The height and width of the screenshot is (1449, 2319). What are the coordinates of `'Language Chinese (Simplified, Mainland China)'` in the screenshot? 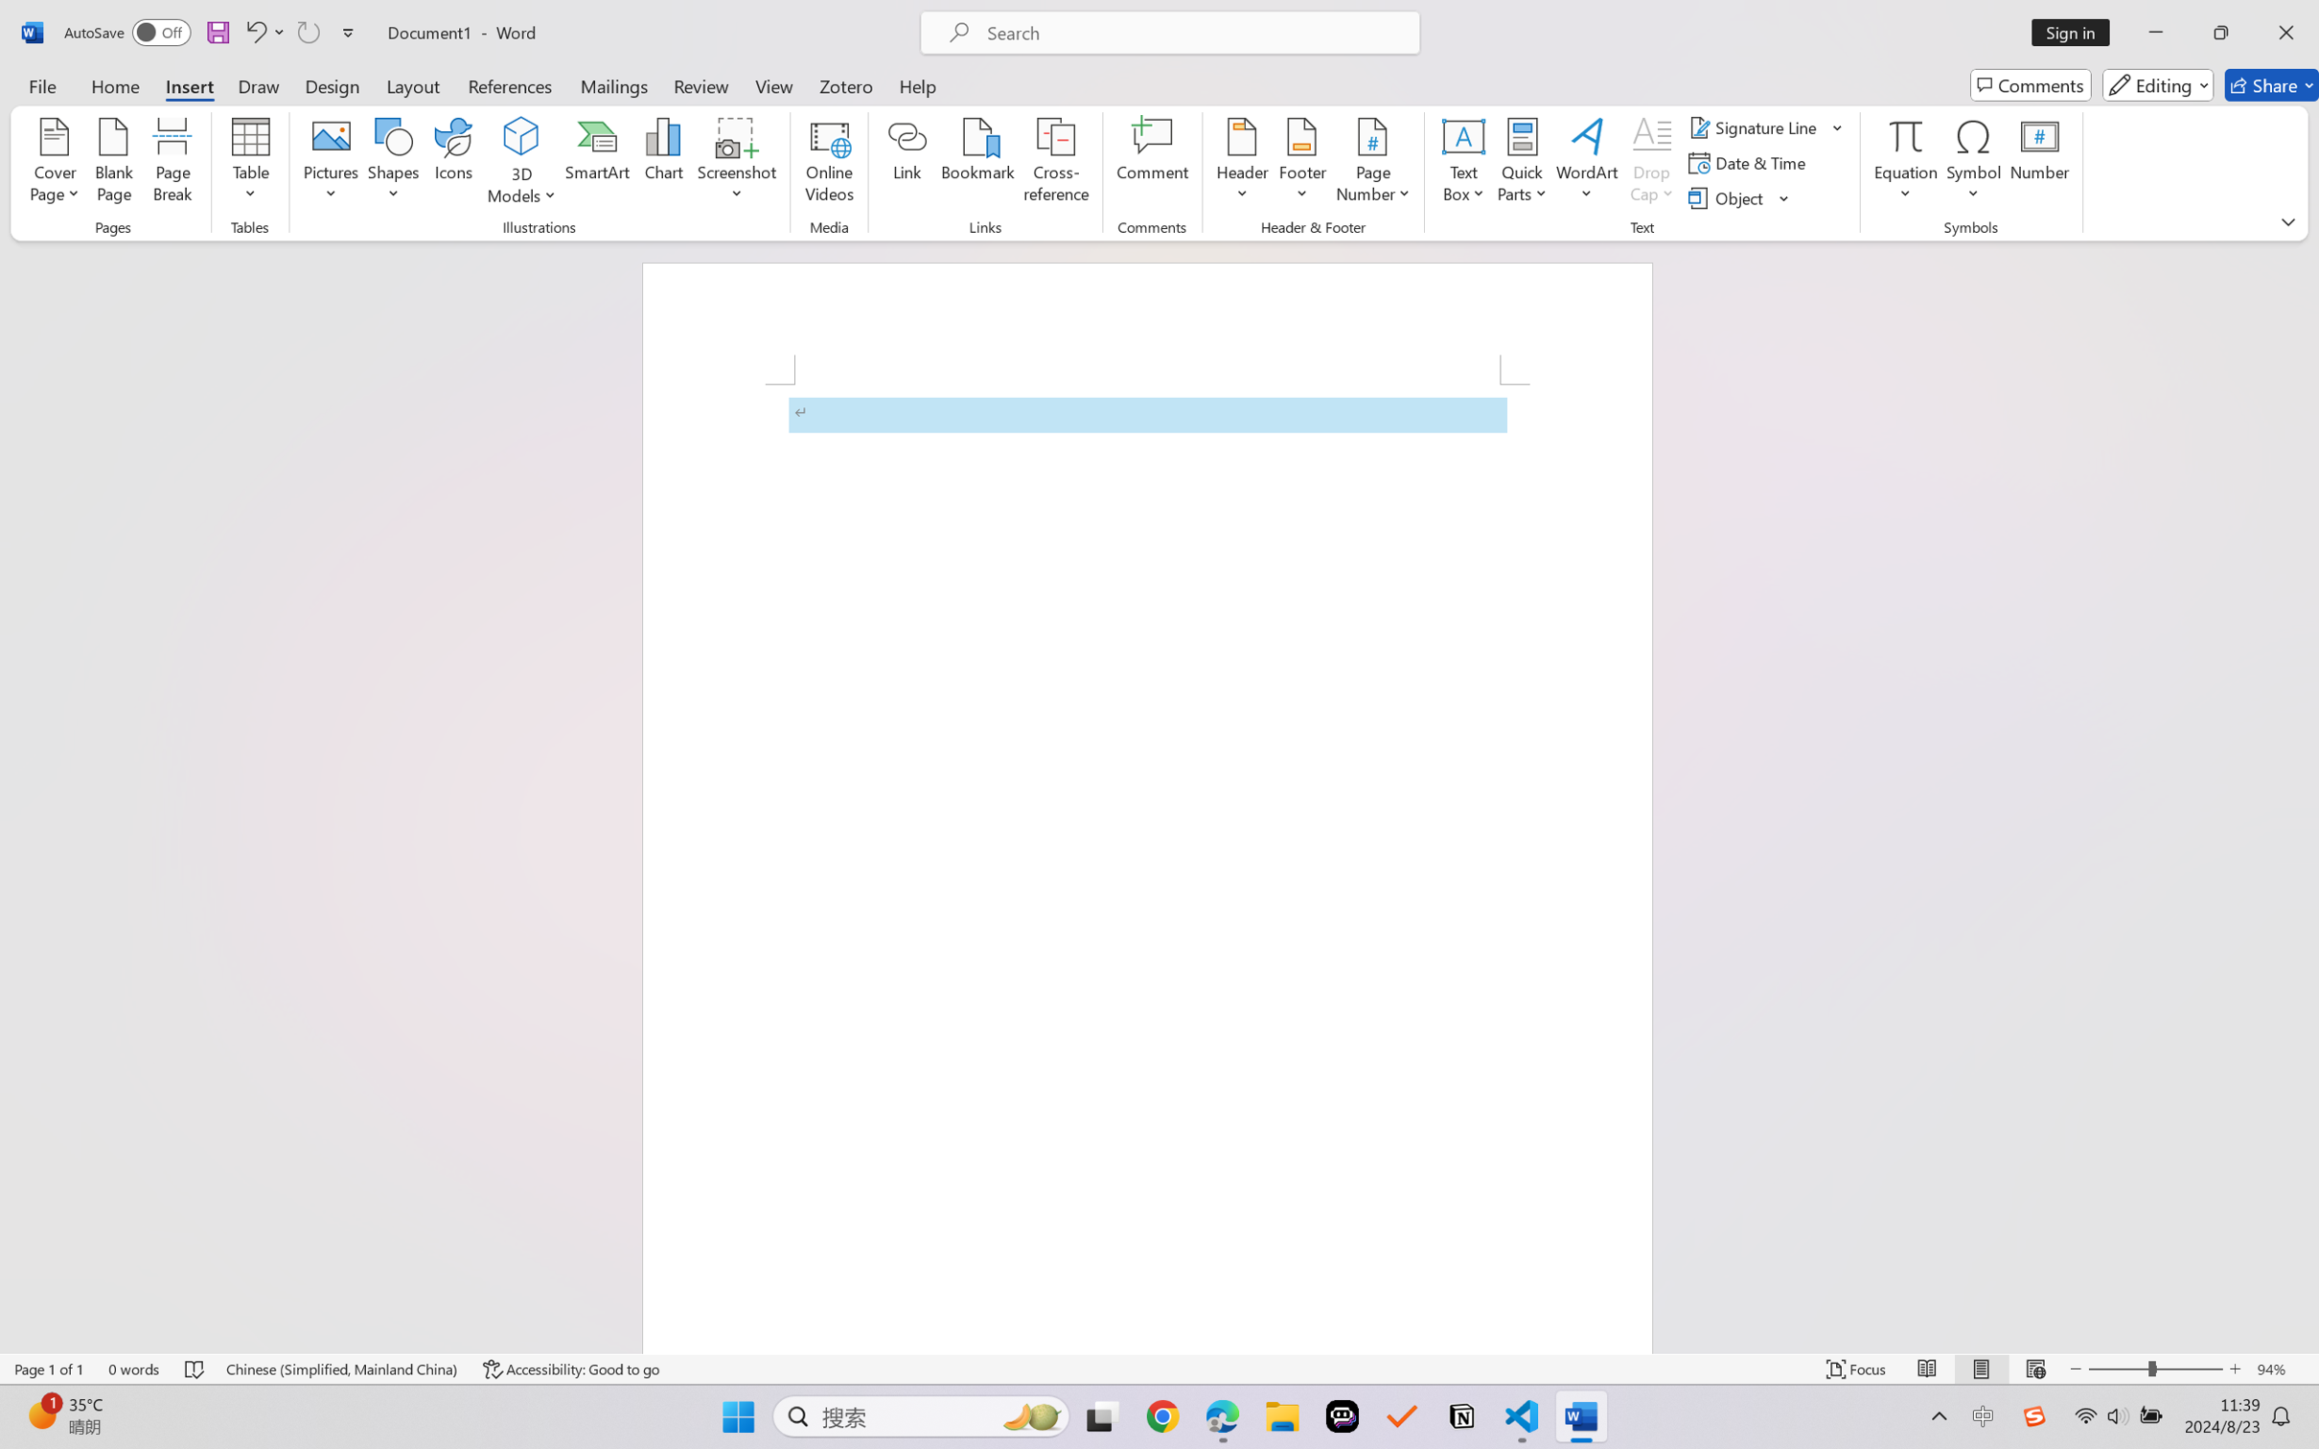 It's located at (341, 1368).